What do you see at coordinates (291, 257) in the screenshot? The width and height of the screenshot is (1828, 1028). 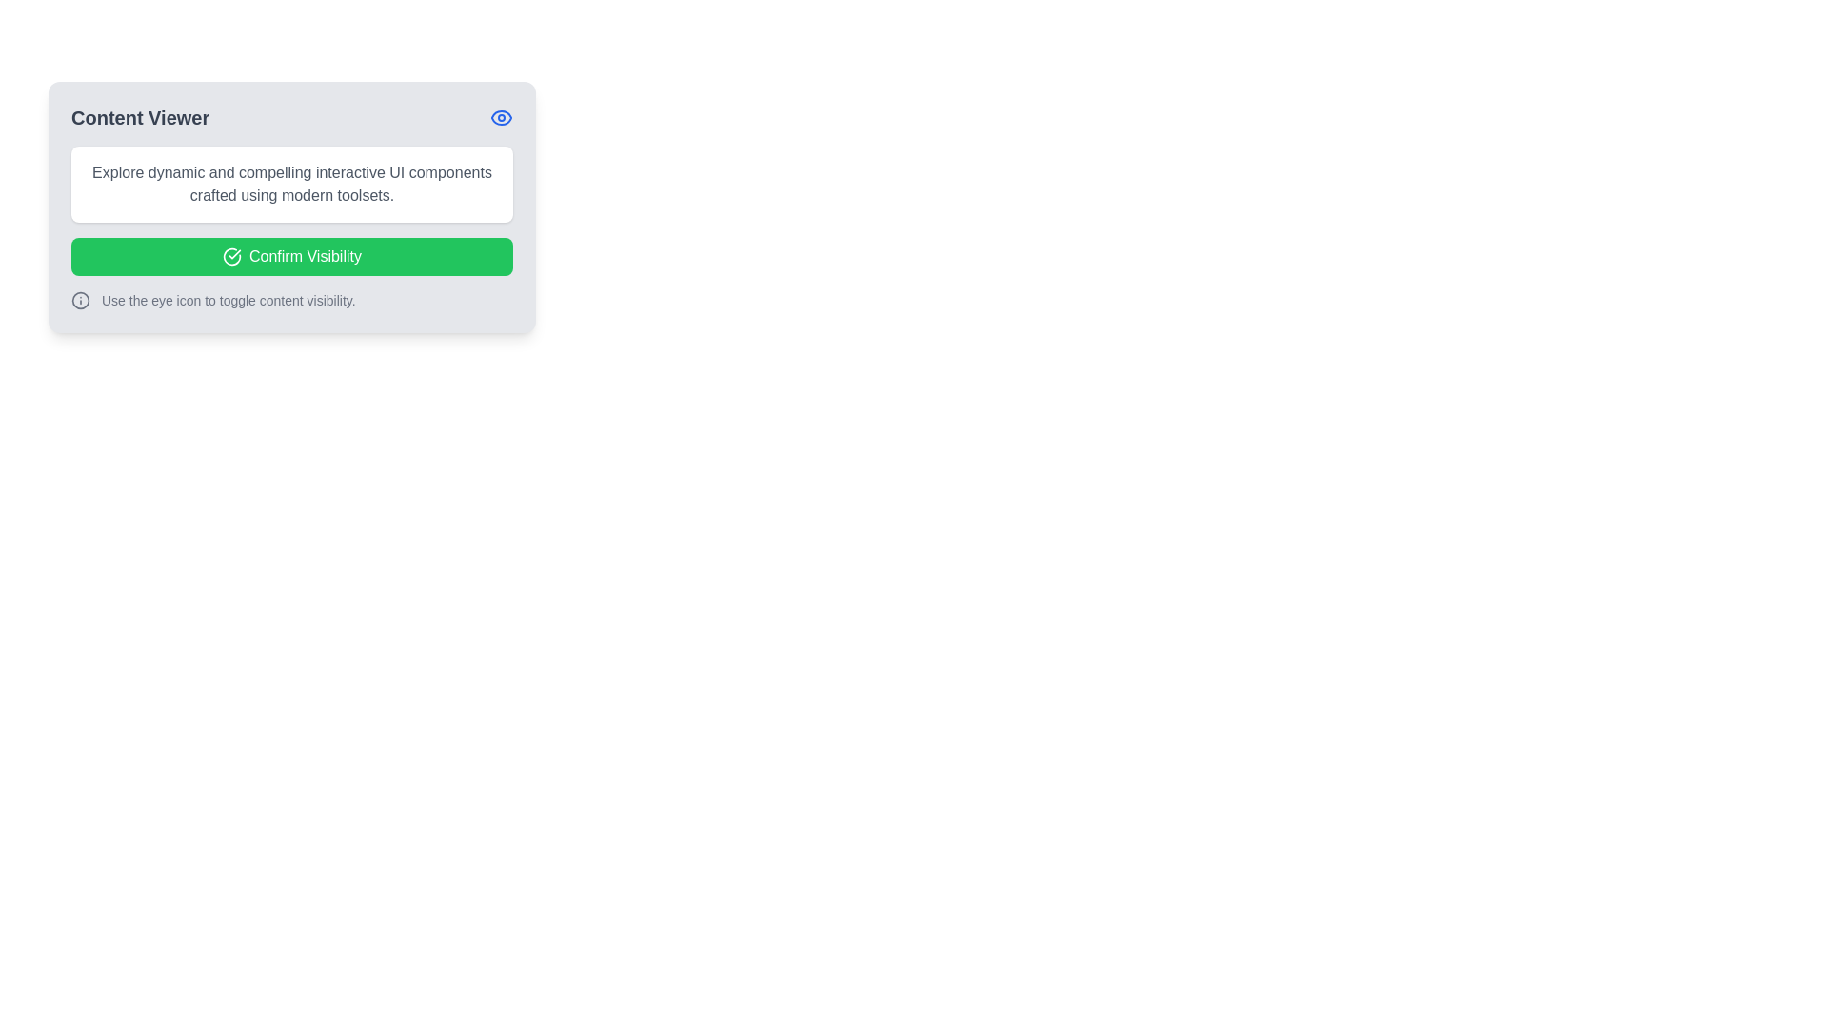 I see `the 'Confirm Visibility' label which contains the text 'Confirm Visibility' and a checkmark icon, indicating an affirmative action with a green background` at bounding box center [291, 257].